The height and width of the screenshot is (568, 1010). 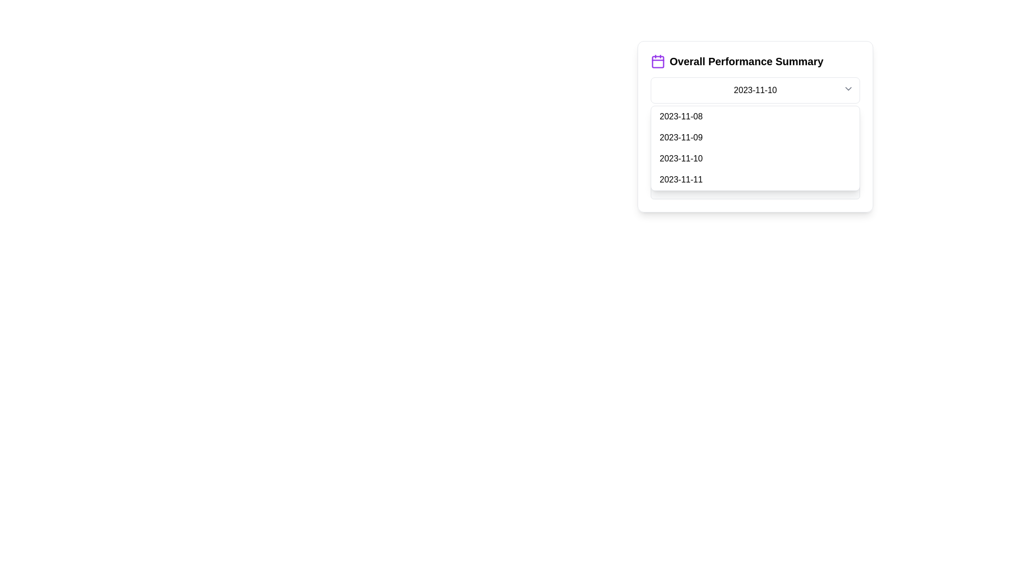 I want to click on the dropdown menu displaying the date '2023-11-10', so click(x=754, y=90).